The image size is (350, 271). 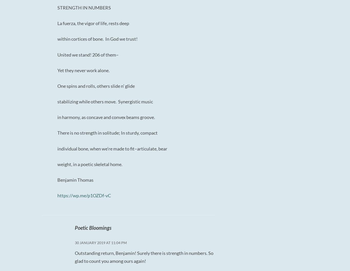 I want to click on 'La fuerza, the vigor of life, rests deep', so click(x=93, y=23).